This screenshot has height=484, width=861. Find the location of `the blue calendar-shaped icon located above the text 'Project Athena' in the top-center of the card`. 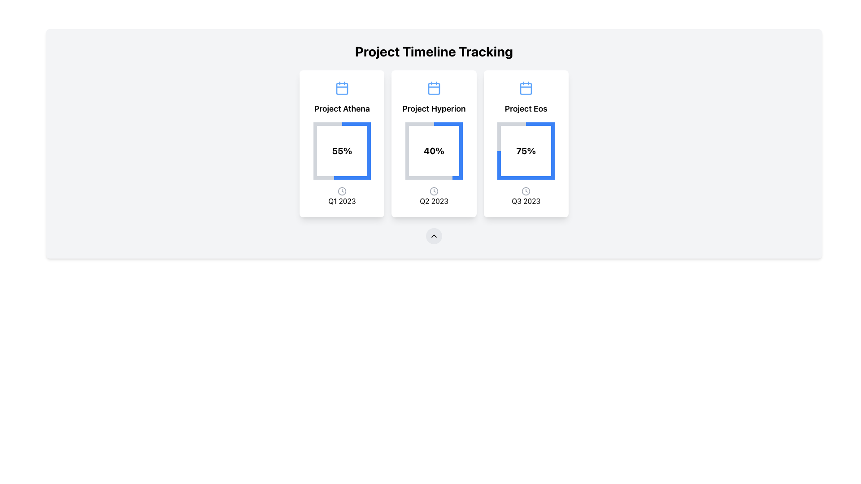

the blue calendar-shaped icon located above the text 'Project Athena' in the top-center of the card is located at coordinates (341, 88).